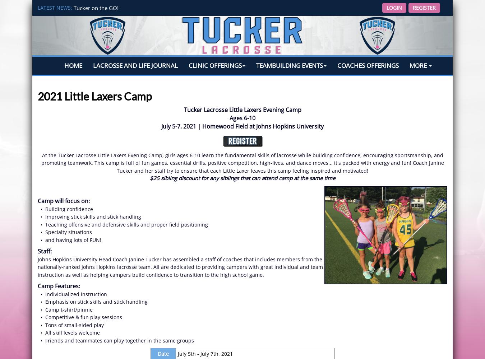 This screenshot has width=485, height=359. I want to click on '•  Friends and teammates can play together in the same groups', so click(115, 340).